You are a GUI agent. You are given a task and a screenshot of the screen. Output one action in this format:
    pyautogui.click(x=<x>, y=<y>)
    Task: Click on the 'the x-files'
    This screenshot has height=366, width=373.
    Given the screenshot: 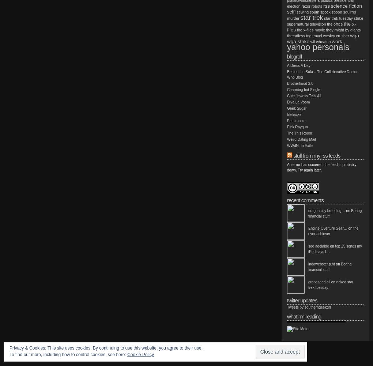 What is the action you would take?
    pyautogui.click(x=286, y=26)
    